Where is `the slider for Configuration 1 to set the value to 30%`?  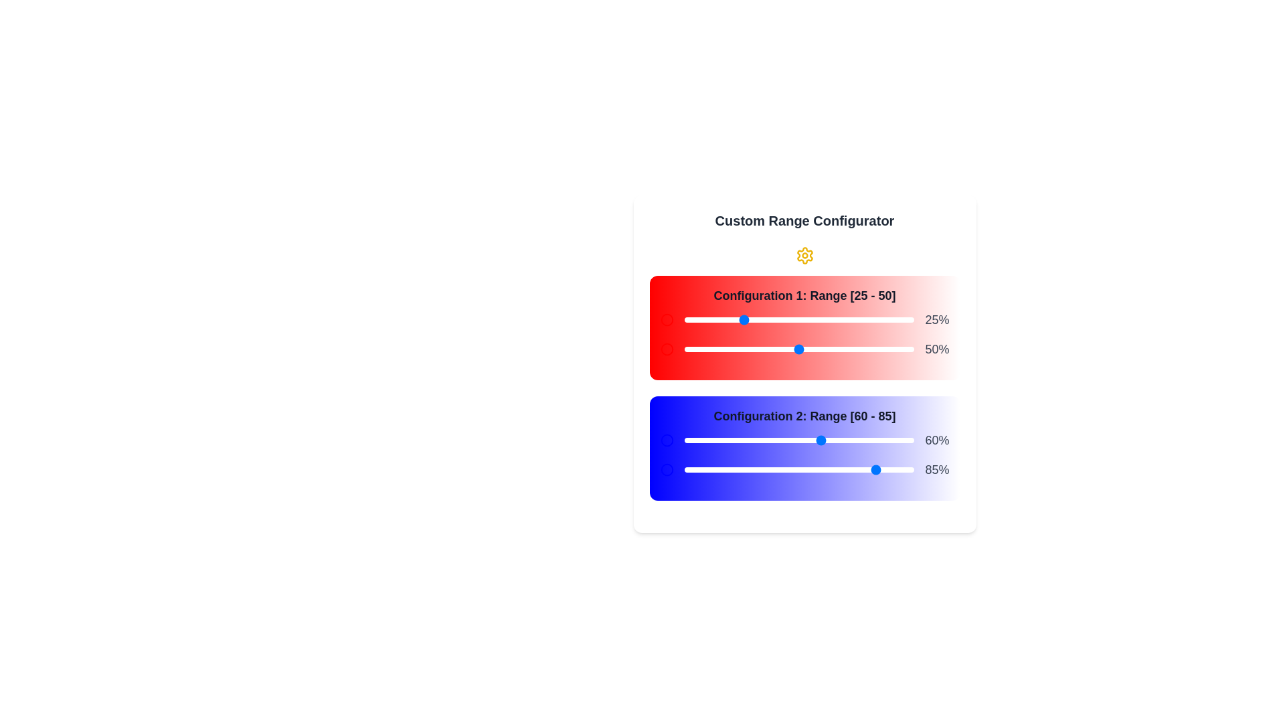 the slider for Configuration 1 to set the value to 30% is located at coordinates (753, 320).